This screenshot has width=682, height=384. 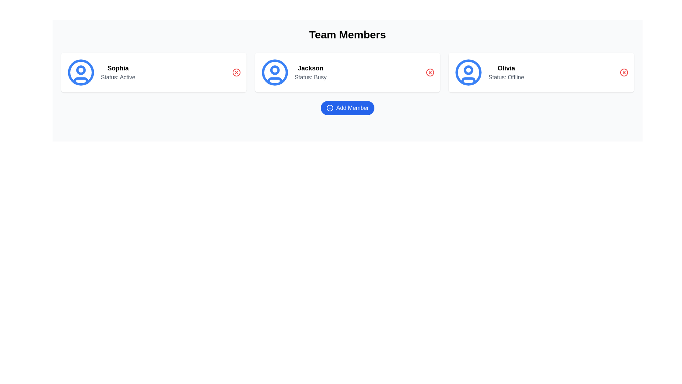 I want to click on the text label displaying the user's name 'Sophia' and current status, which is located in the leftmost tile of the user profile row, so click(x=118, y=73).